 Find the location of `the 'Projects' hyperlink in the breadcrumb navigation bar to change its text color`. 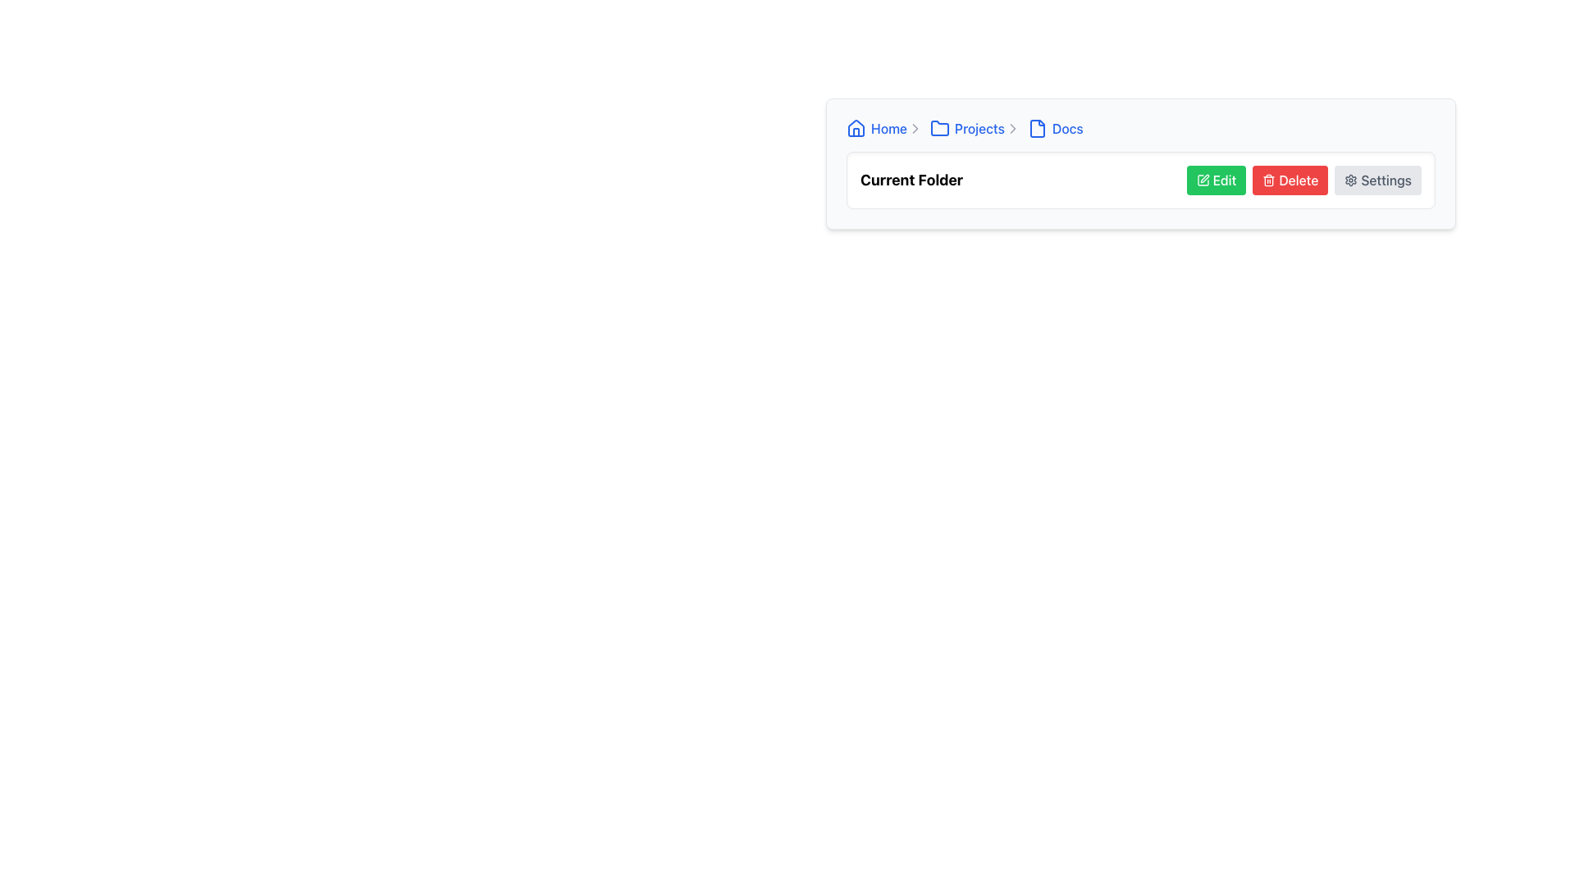

the 'Projects' hyperlink in the breadcrumb navigation bar to change its text color is located at coordinates (967, 128).